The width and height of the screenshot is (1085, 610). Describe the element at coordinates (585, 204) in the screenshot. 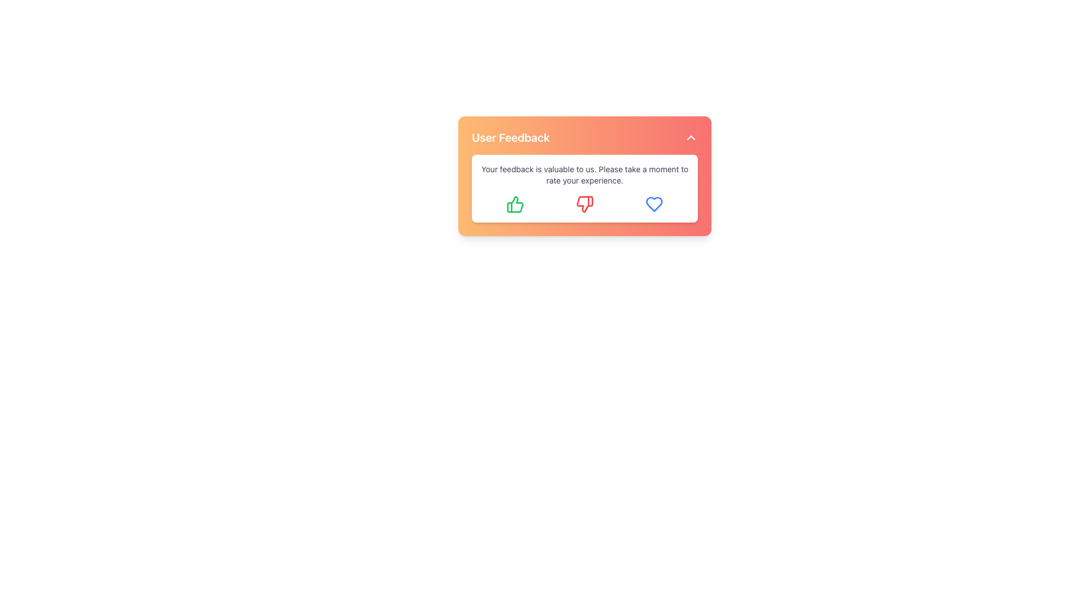

I see `the middle thumbs-down icon within the user feedback card to give negative feedback` at that location.